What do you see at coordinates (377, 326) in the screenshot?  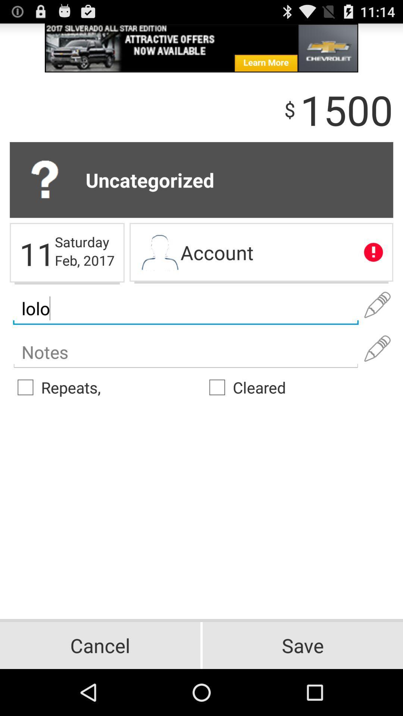 I see `the edit icon` at bounding box center [377, 326].